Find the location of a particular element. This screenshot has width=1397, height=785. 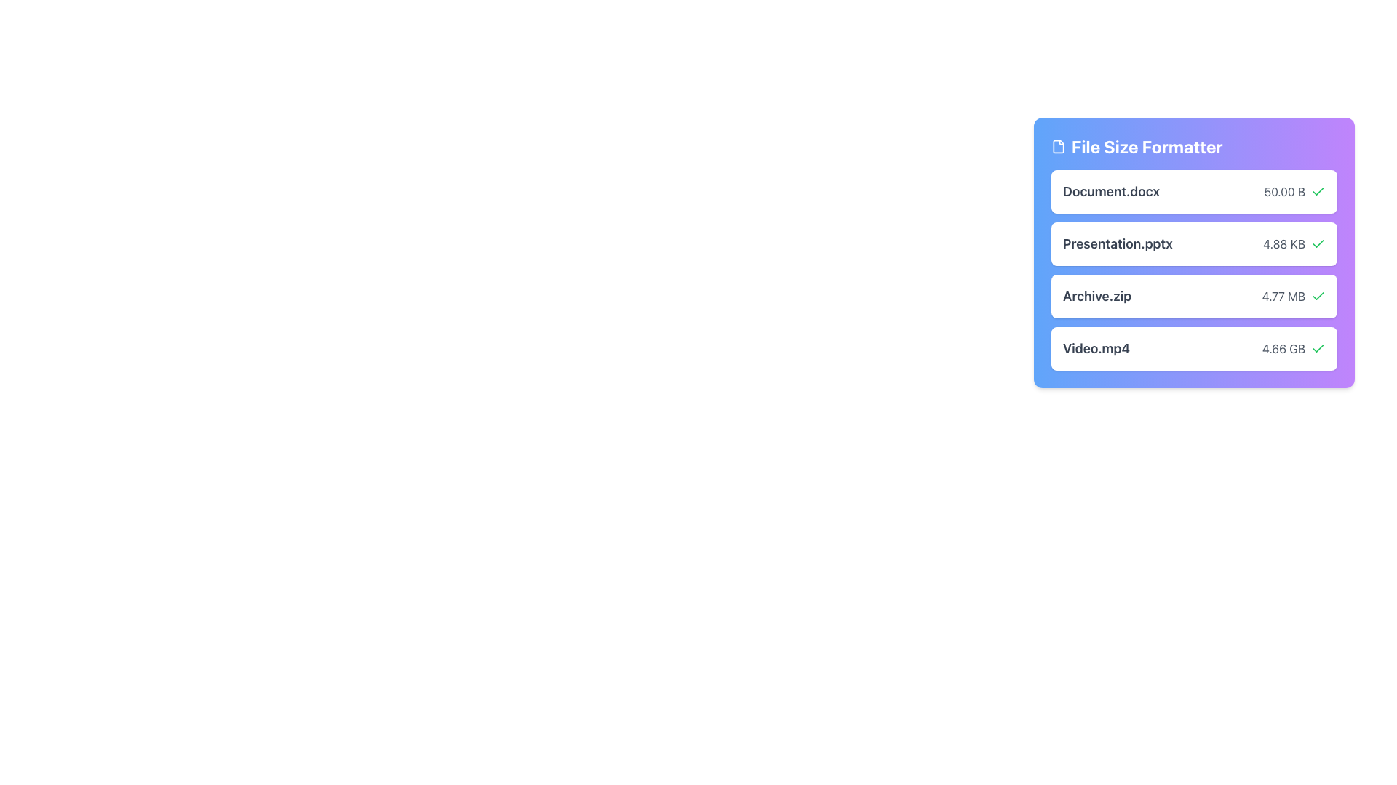

file information from the first list item in the 'File Size Formatter' panel, which displays 'Document.docx' and its size '50.00 B' is located at coordinates (1194, 190).